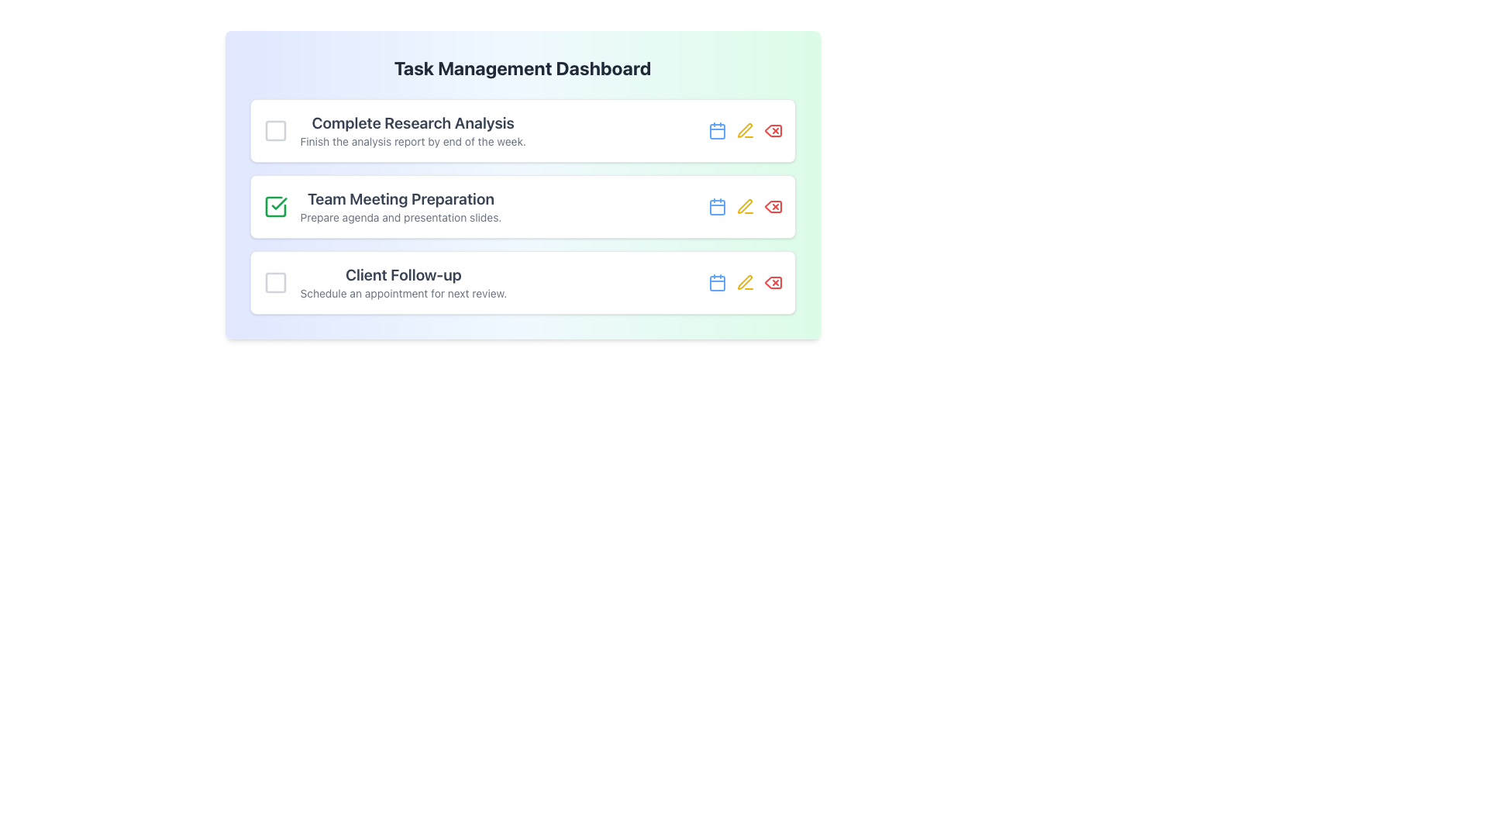  Describe the element at coordinates (773, 130) in the screenshot. I see `the delete button, which is the third icon in the action section of the first task in the task management dashboard` at that location.